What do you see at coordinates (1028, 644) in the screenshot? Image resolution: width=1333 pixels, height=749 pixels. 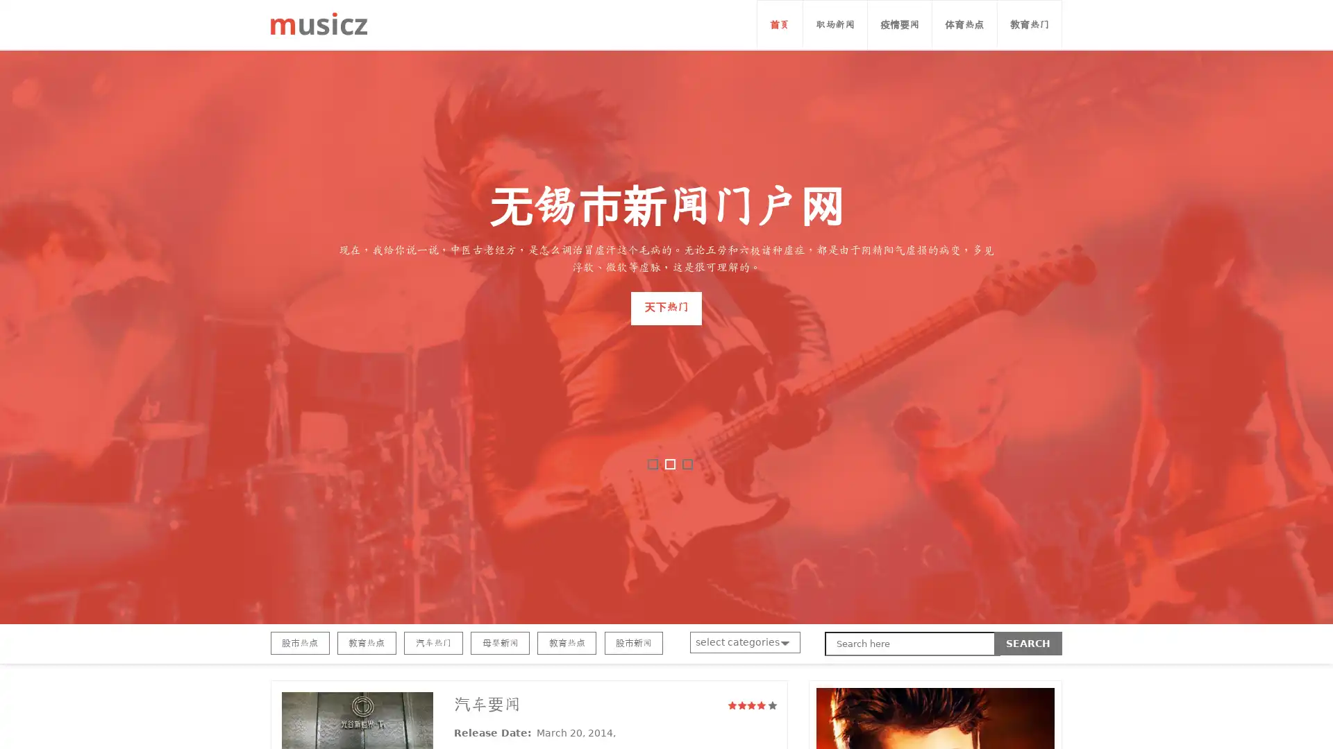 I see `search` at bounding box center [1028, 644].